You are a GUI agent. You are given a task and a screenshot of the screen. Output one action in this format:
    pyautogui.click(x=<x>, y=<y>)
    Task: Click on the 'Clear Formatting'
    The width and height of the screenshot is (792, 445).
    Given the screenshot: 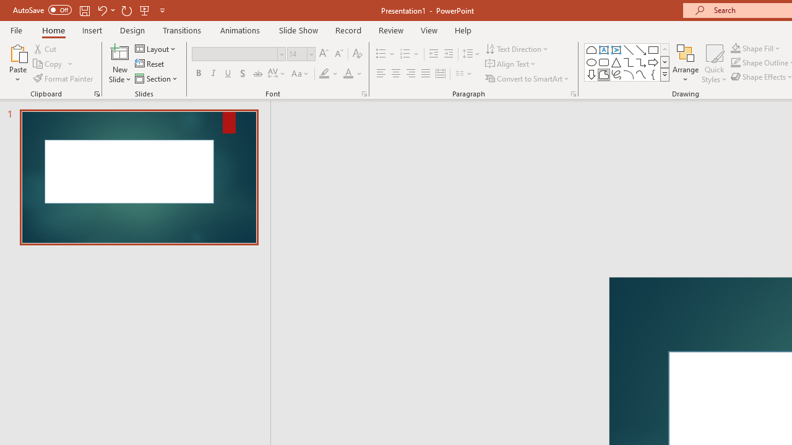 What is the action you would take?
    pyautogui.click(x=356, y=53)
    